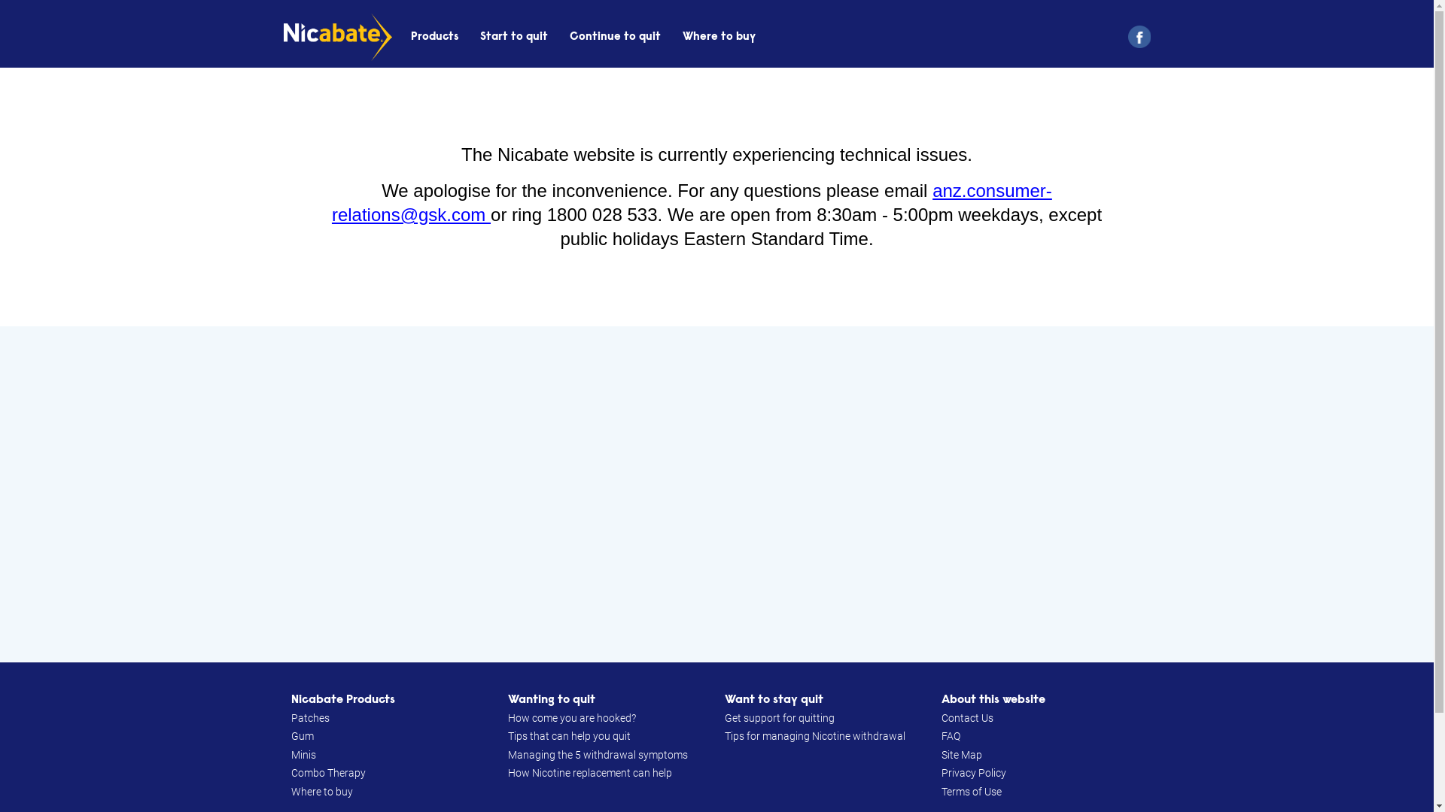 This screenshot has height=812, width=1445. I want to click on 'How Nicotine replacement can help', so click(507, 773).